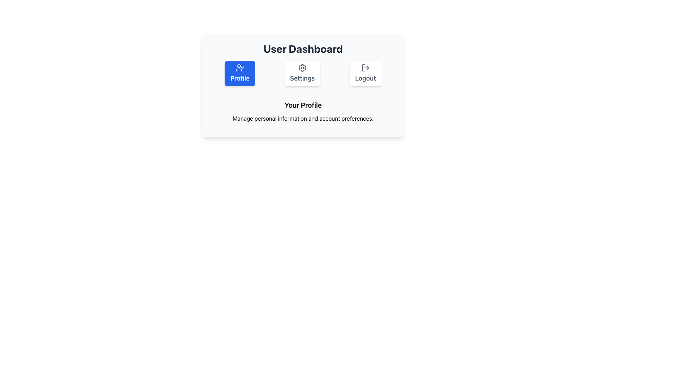 This screenshot has width=676, height=380. I want to click on the triangular icon representing the logout action, which is the arrowhead of the SVG icon, so click(367, 68).